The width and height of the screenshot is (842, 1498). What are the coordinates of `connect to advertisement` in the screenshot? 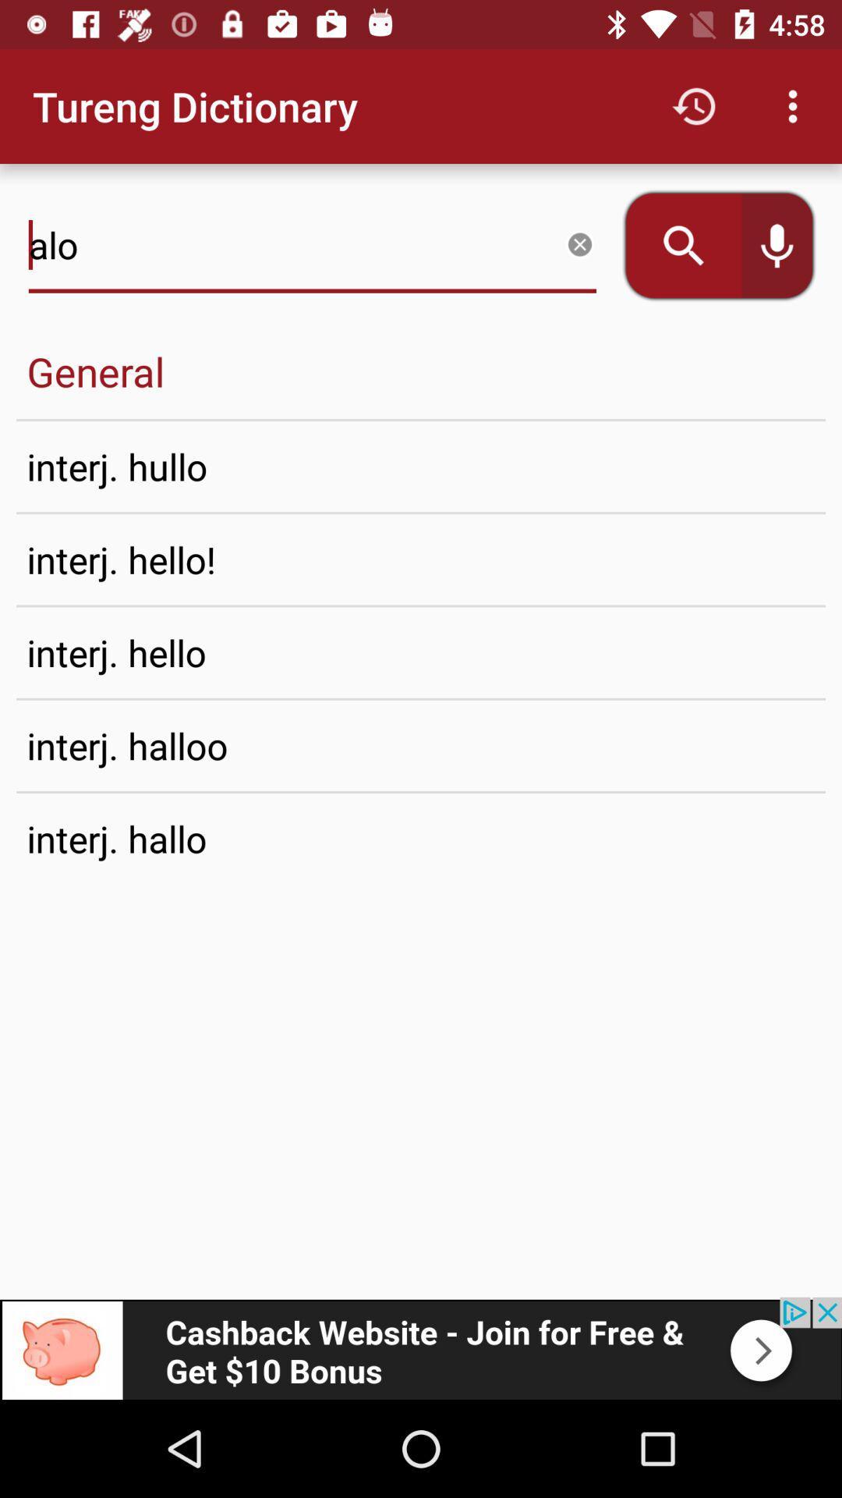 It's located at (421, 1347).